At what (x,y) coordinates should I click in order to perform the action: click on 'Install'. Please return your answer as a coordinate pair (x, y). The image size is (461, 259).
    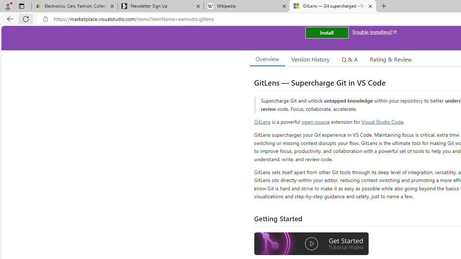
    Looking at the image, I should click on (326, 33).